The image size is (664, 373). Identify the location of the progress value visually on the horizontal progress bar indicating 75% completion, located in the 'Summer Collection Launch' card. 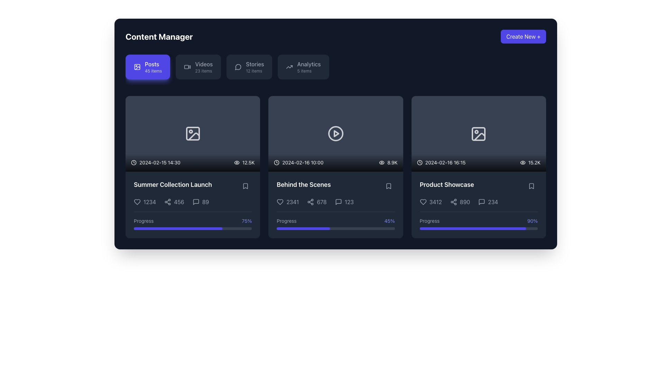
(193, 228).